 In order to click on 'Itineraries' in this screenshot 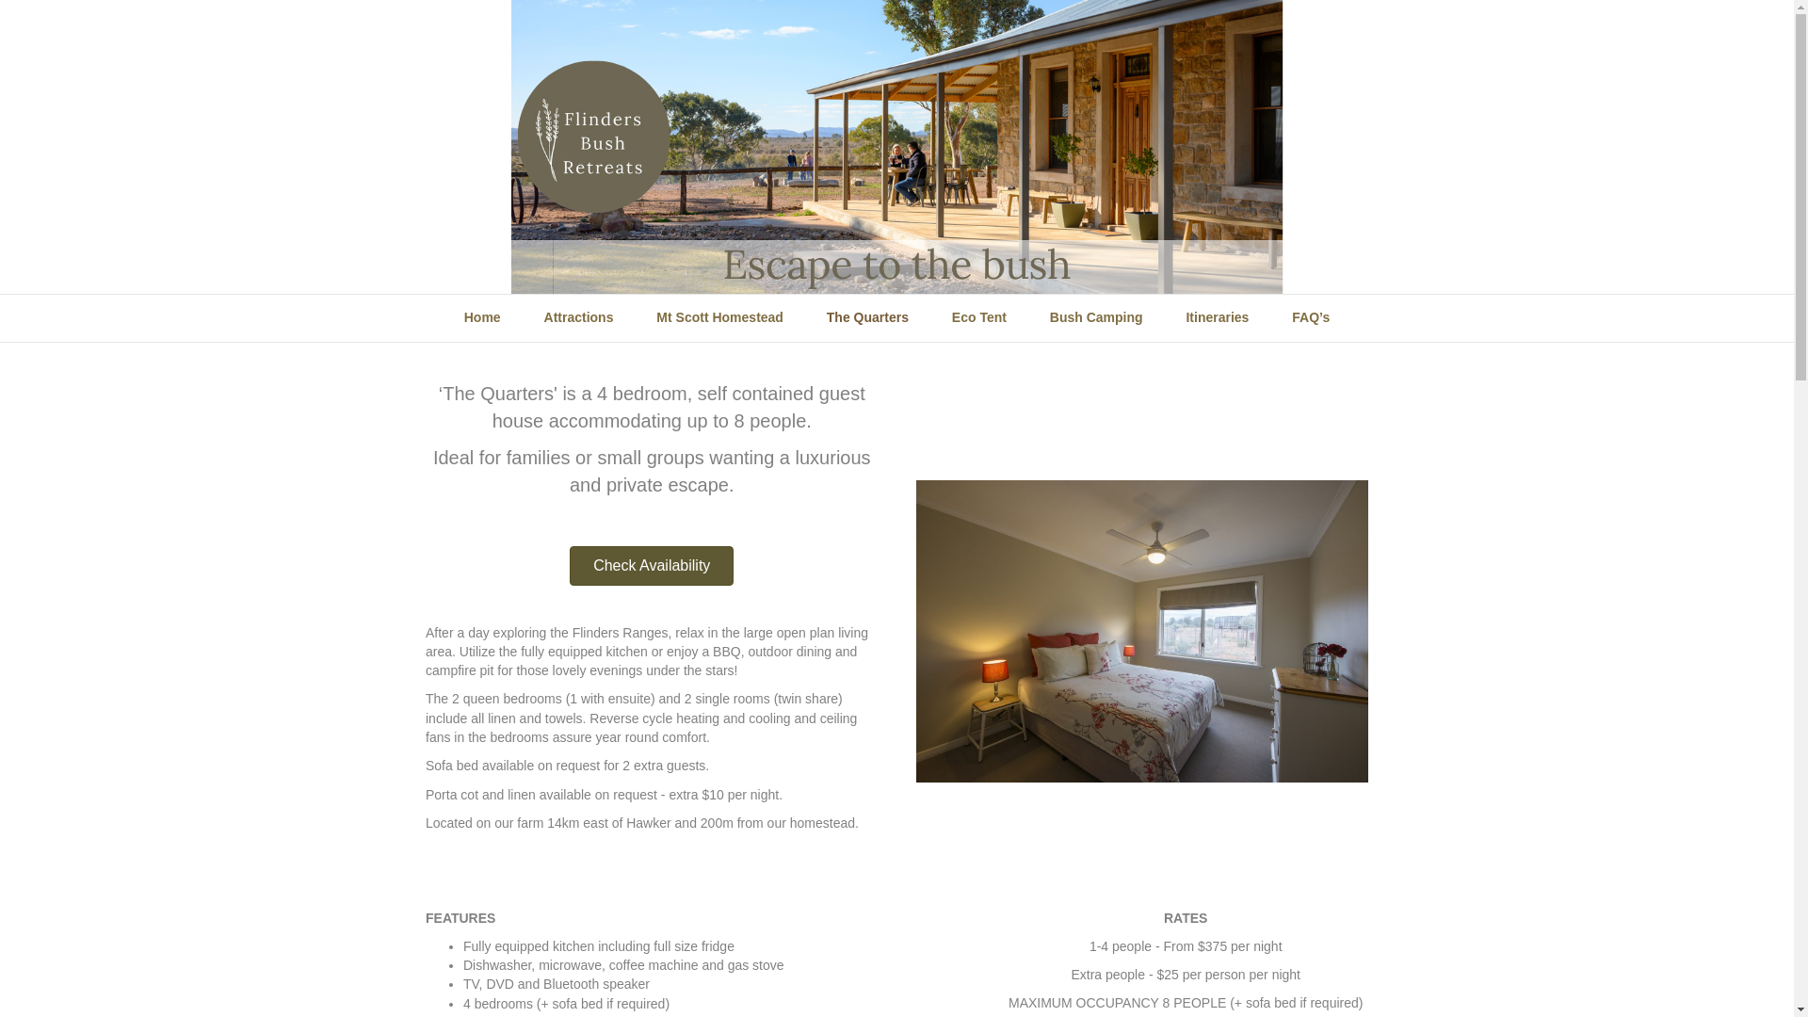, I will do `click(1217, 317)`.